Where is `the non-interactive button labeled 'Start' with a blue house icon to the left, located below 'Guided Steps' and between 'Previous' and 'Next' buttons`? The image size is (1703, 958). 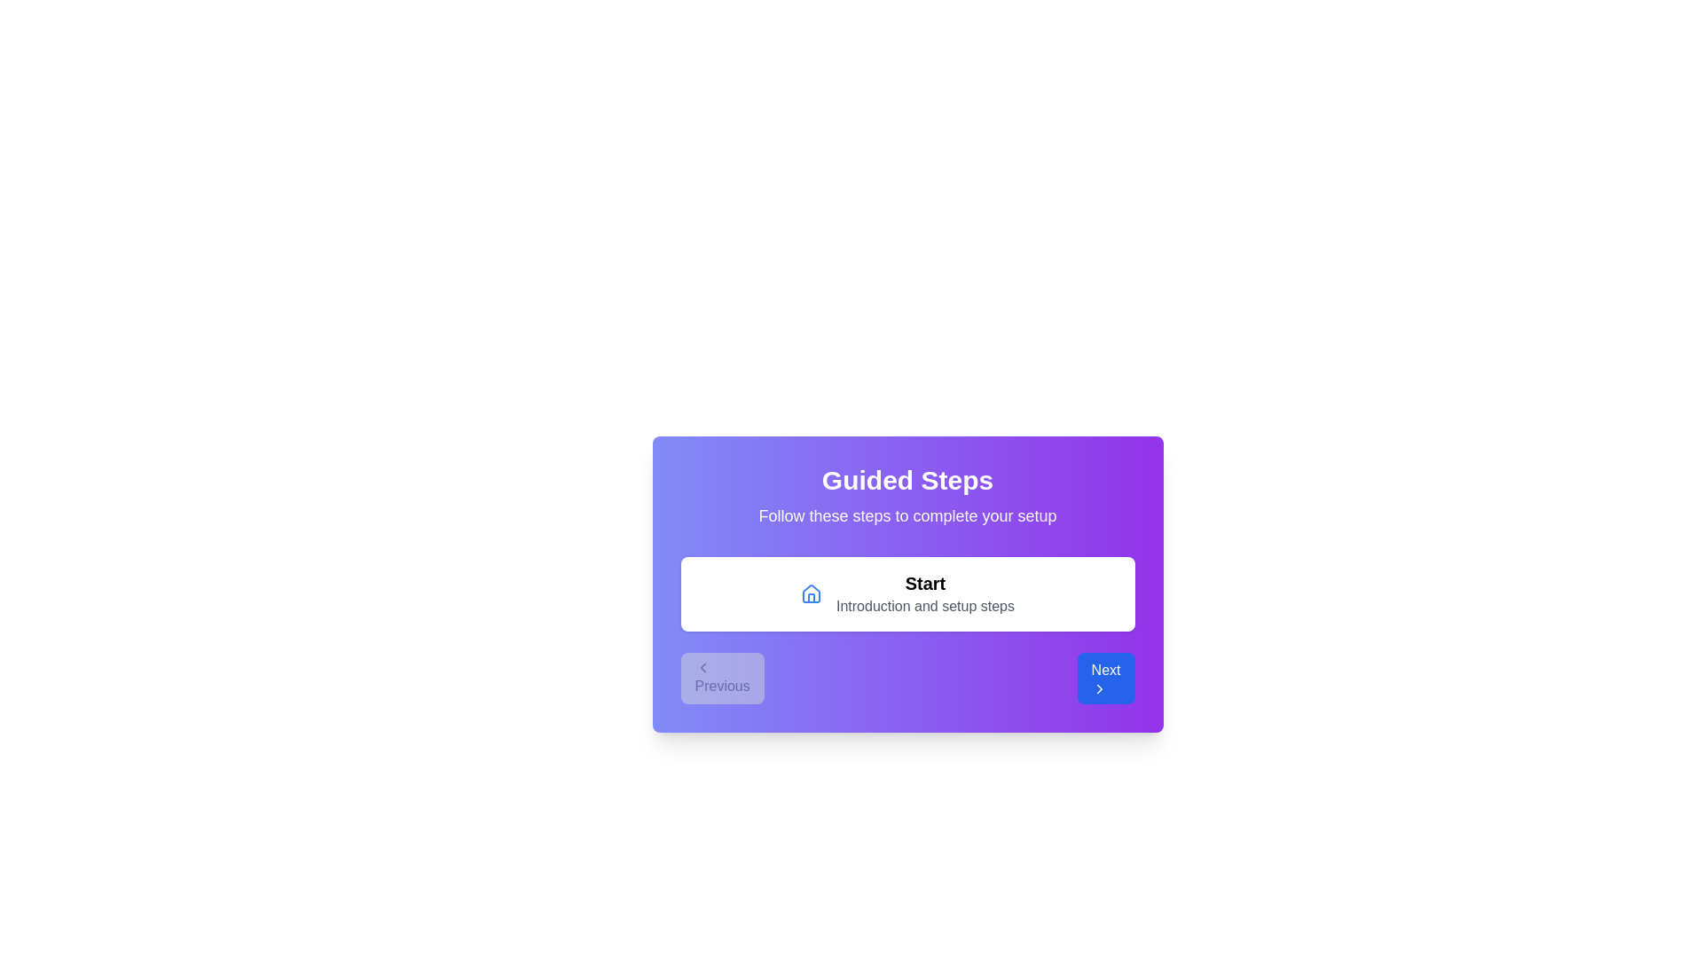 the non-interactive button labeled 'Start' with a blue house icon to the left, located below 'Guided Steps' and between 'Previous' and 'Next' buttons is located at coordinates (907, 594).